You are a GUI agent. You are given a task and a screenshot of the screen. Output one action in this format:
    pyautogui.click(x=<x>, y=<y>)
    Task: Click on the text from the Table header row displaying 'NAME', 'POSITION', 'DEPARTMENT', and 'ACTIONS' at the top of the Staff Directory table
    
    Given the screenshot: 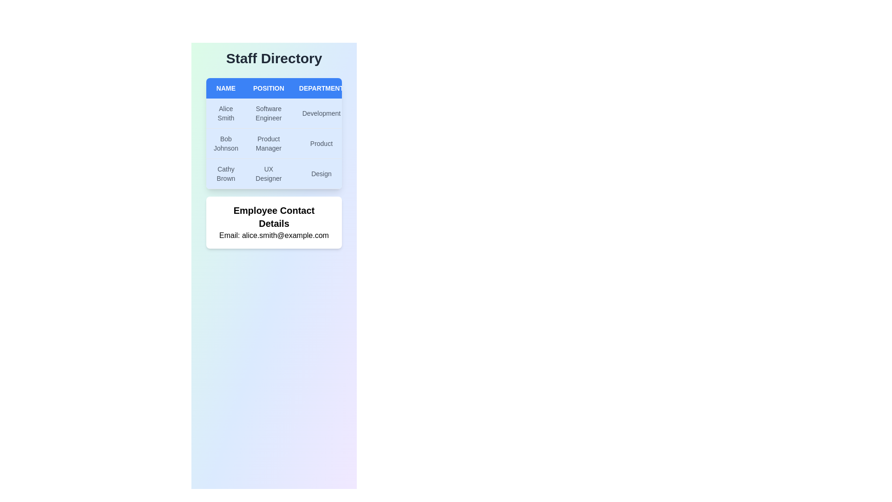 What is the action you would take?
    pyautogui.click(x=301, y=88)
    